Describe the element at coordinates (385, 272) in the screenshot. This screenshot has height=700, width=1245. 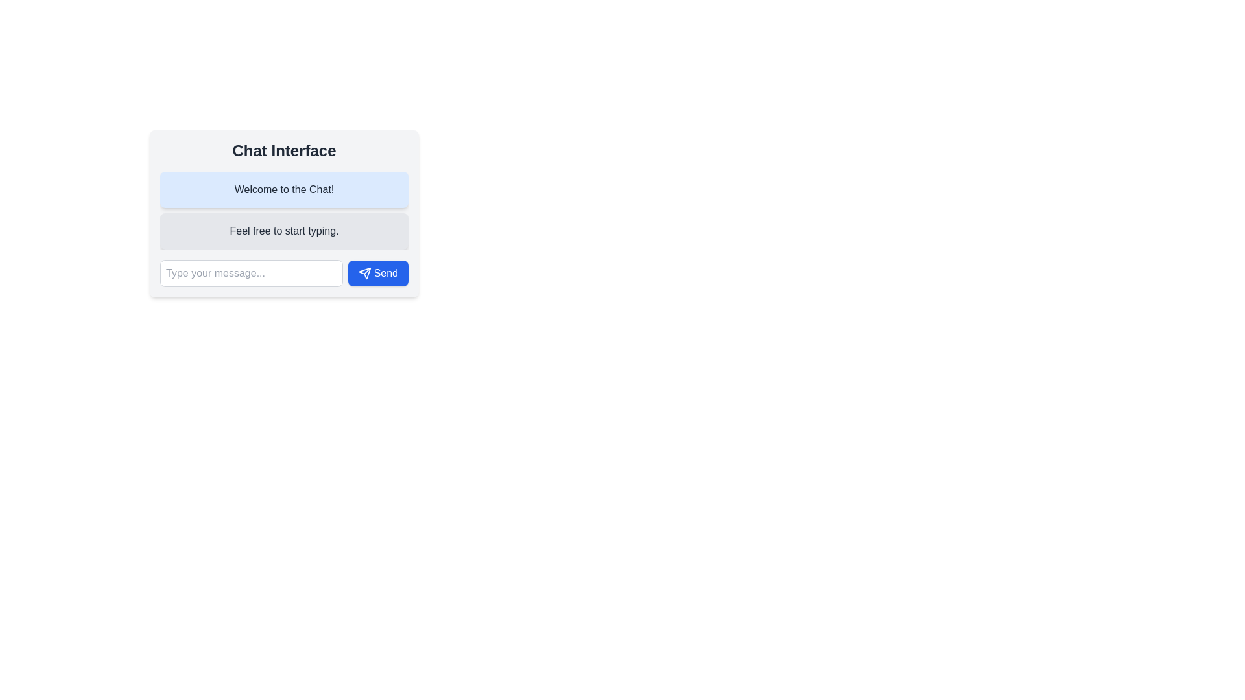
I see `text displayed on the blue button labeled 'Send', which is located at the bottom right corner of the chat interface` at that location.